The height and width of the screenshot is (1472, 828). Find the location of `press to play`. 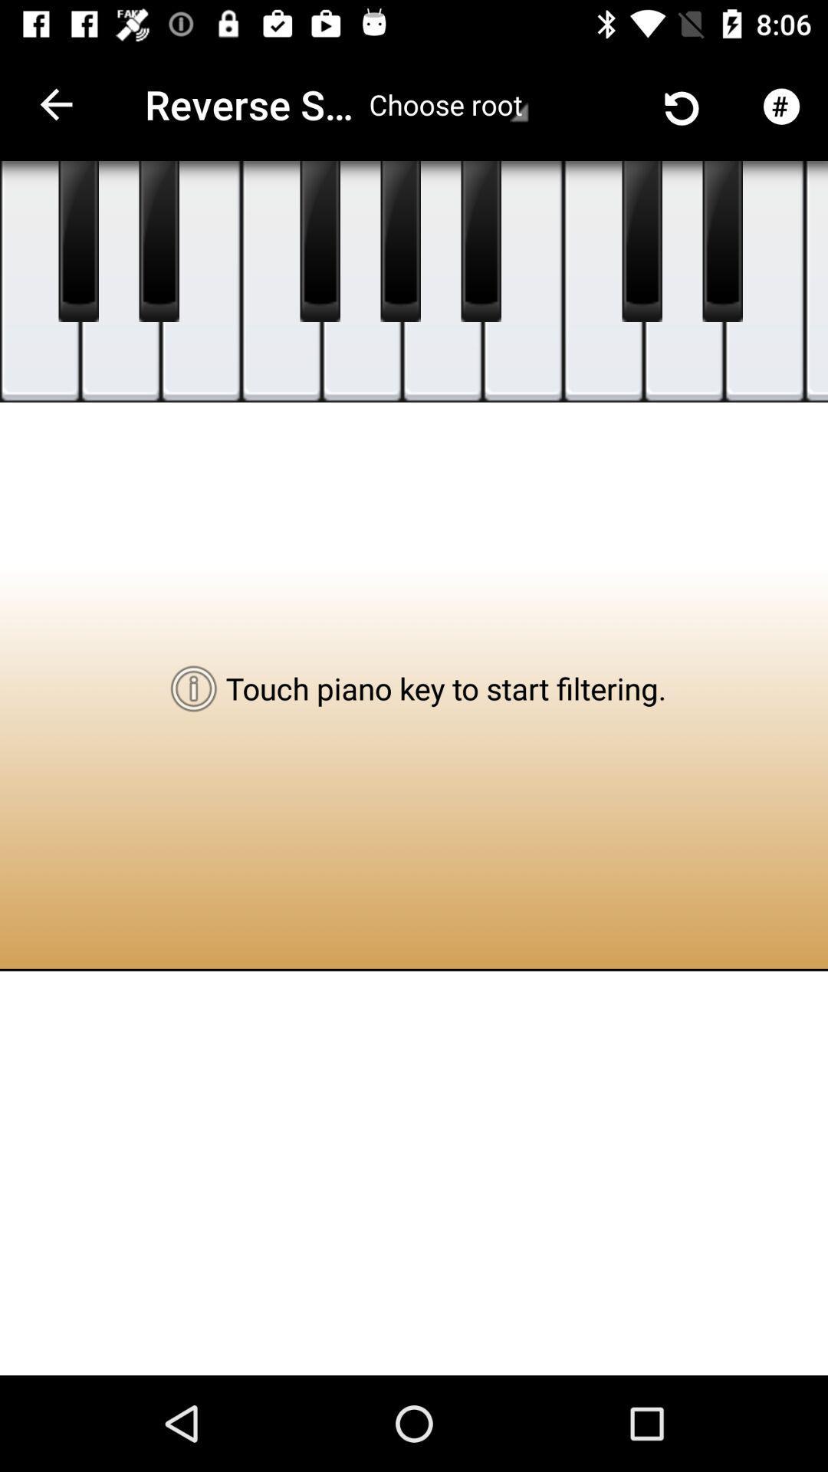

press to play is located at coordinates (815, 281).